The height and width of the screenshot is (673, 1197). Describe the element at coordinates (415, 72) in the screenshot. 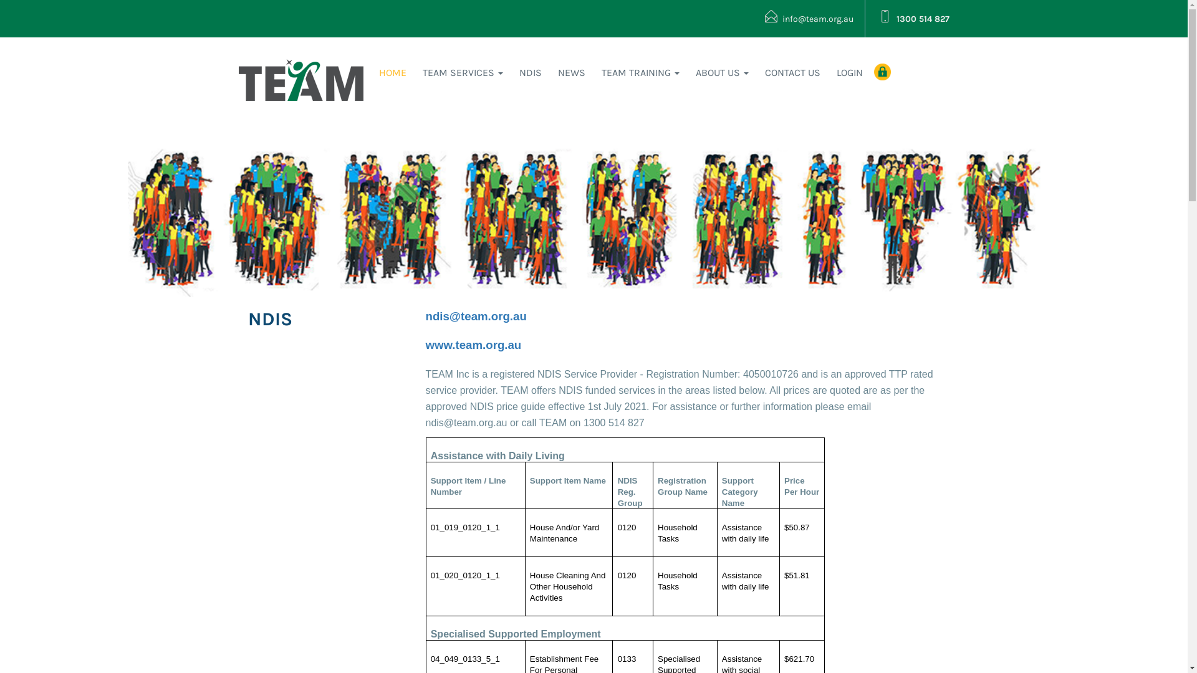

I see `'TEAM SERVICES'` at that location.